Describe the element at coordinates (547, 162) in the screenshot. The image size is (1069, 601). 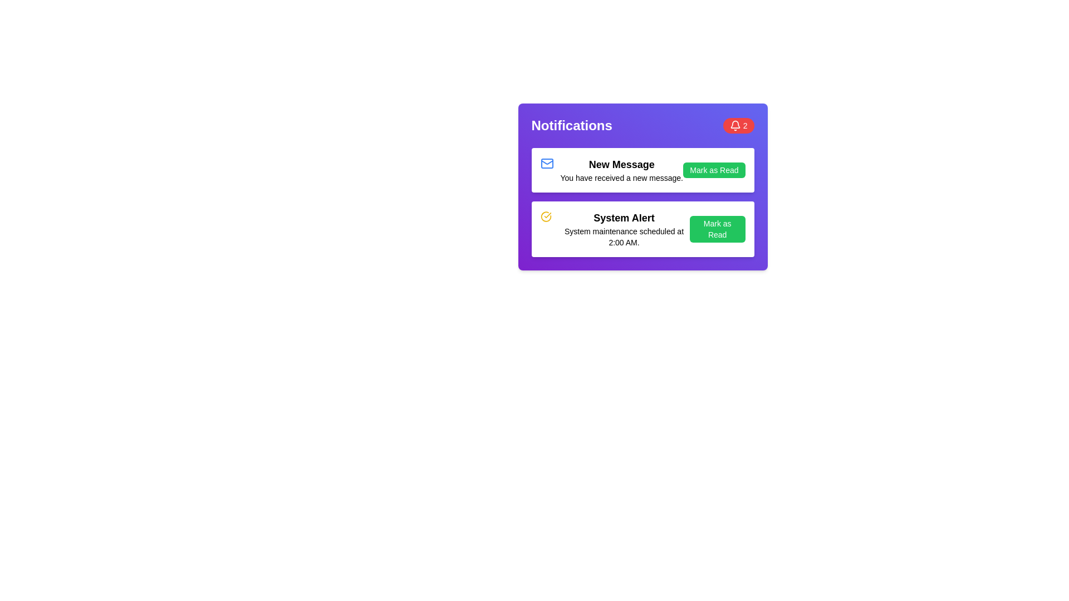
I see `the triangular diagonal lines of the blue envelope icon located on the left side of the 'New Message' notification in the list, which is positioned at the top row inside the notification panel` at that location.